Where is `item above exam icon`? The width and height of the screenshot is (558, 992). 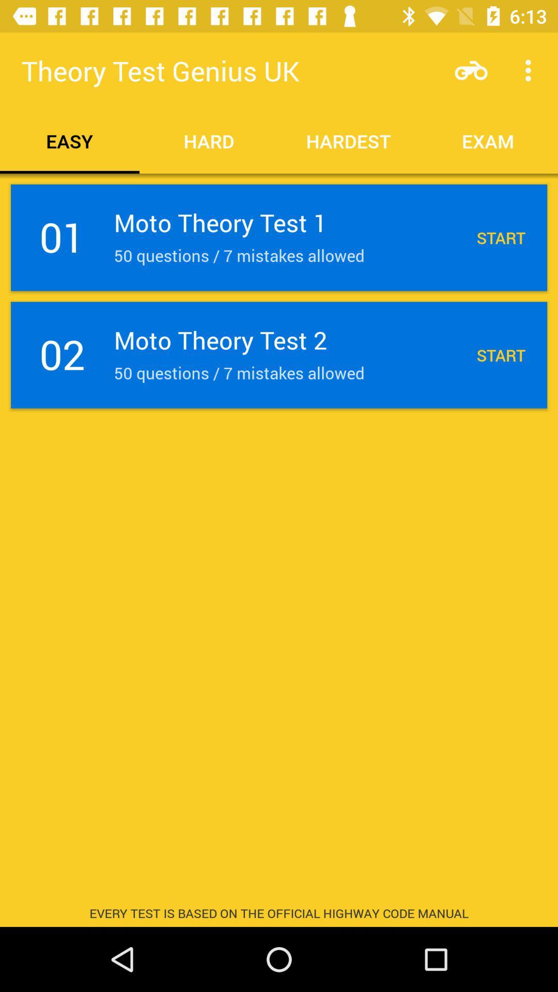
item above exam icon is located at coordinates (531, 70).